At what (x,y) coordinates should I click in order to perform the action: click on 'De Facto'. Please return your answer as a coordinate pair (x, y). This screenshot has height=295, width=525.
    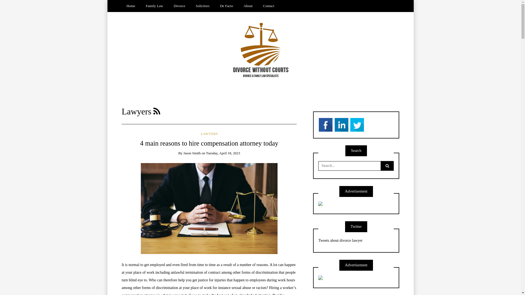
    Looking at the image, I should click on (226, 6).